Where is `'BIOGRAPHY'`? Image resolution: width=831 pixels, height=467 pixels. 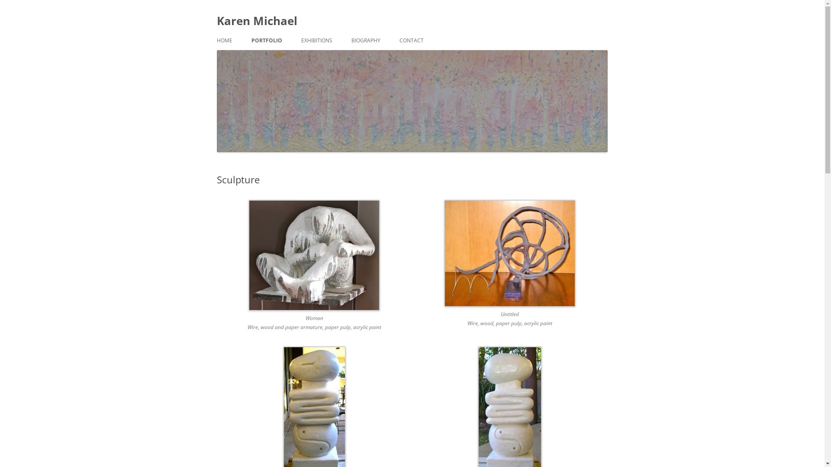
'BIOGRAPHY' is located at coordinates (366, 40).